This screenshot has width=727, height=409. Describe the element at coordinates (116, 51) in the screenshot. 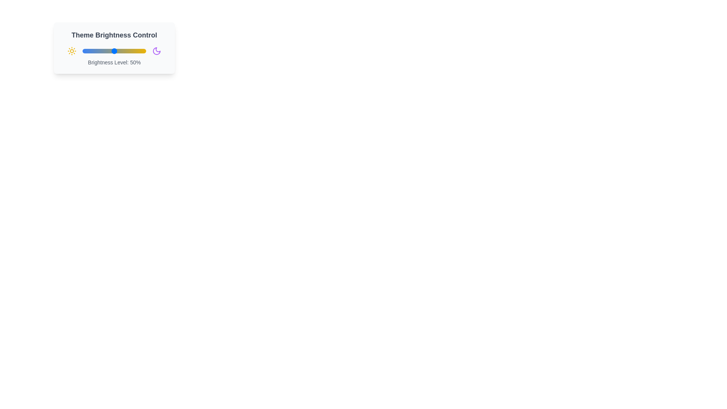

I see `the brightness slider to 54%` at that location.